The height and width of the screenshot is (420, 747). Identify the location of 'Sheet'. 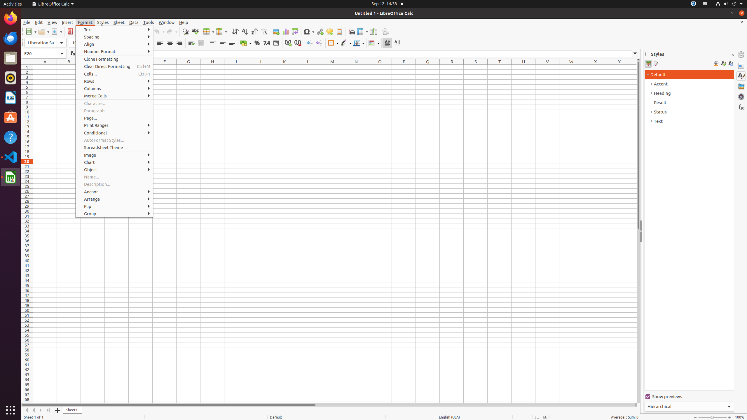
(119, 22).